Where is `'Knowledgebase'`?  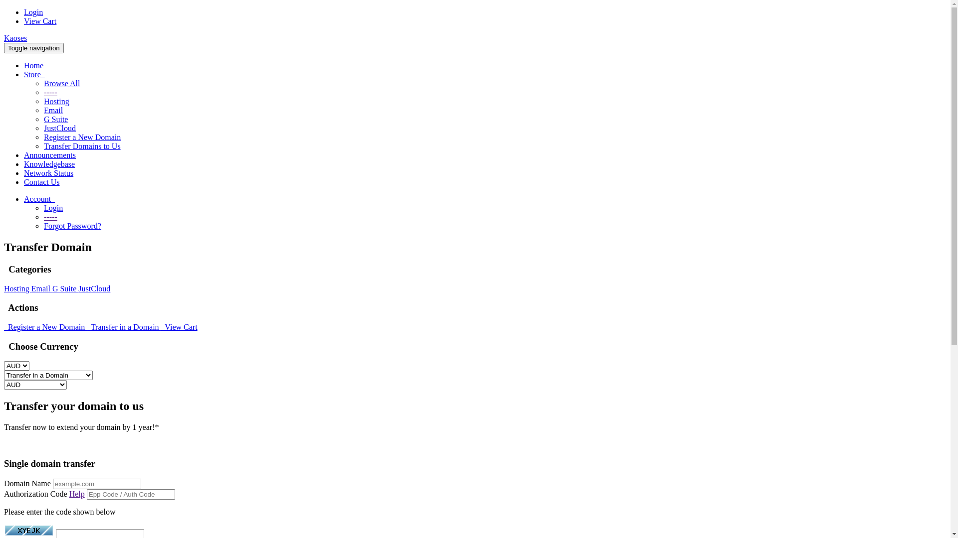
'Knowledgebase' is located at coordinates (49, 163).